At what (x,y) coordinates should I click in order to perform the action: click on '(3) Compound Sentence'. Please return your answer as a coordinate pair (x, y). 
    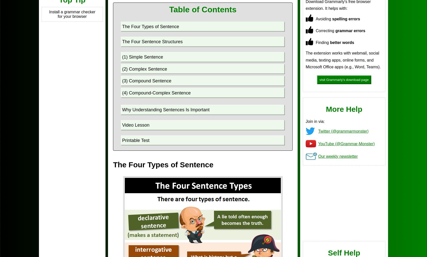
    Looking at the image, I should click on (146, 81).